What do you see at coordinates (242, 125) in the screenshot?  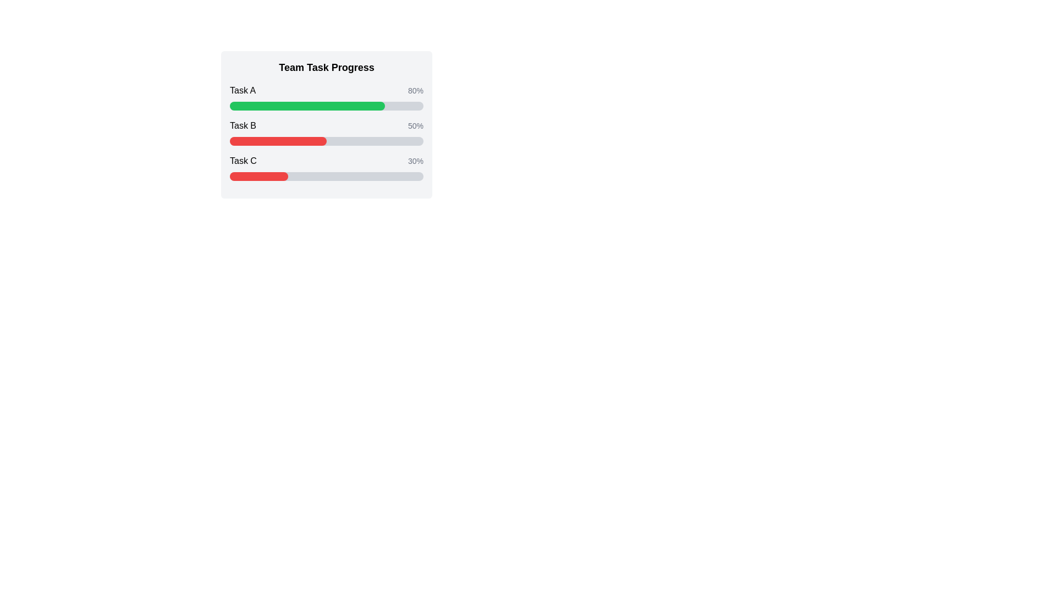 I see `text content of the 'Task B' label, which identifies the associated progress bar and percentage value` at bounding box center [242, 125].